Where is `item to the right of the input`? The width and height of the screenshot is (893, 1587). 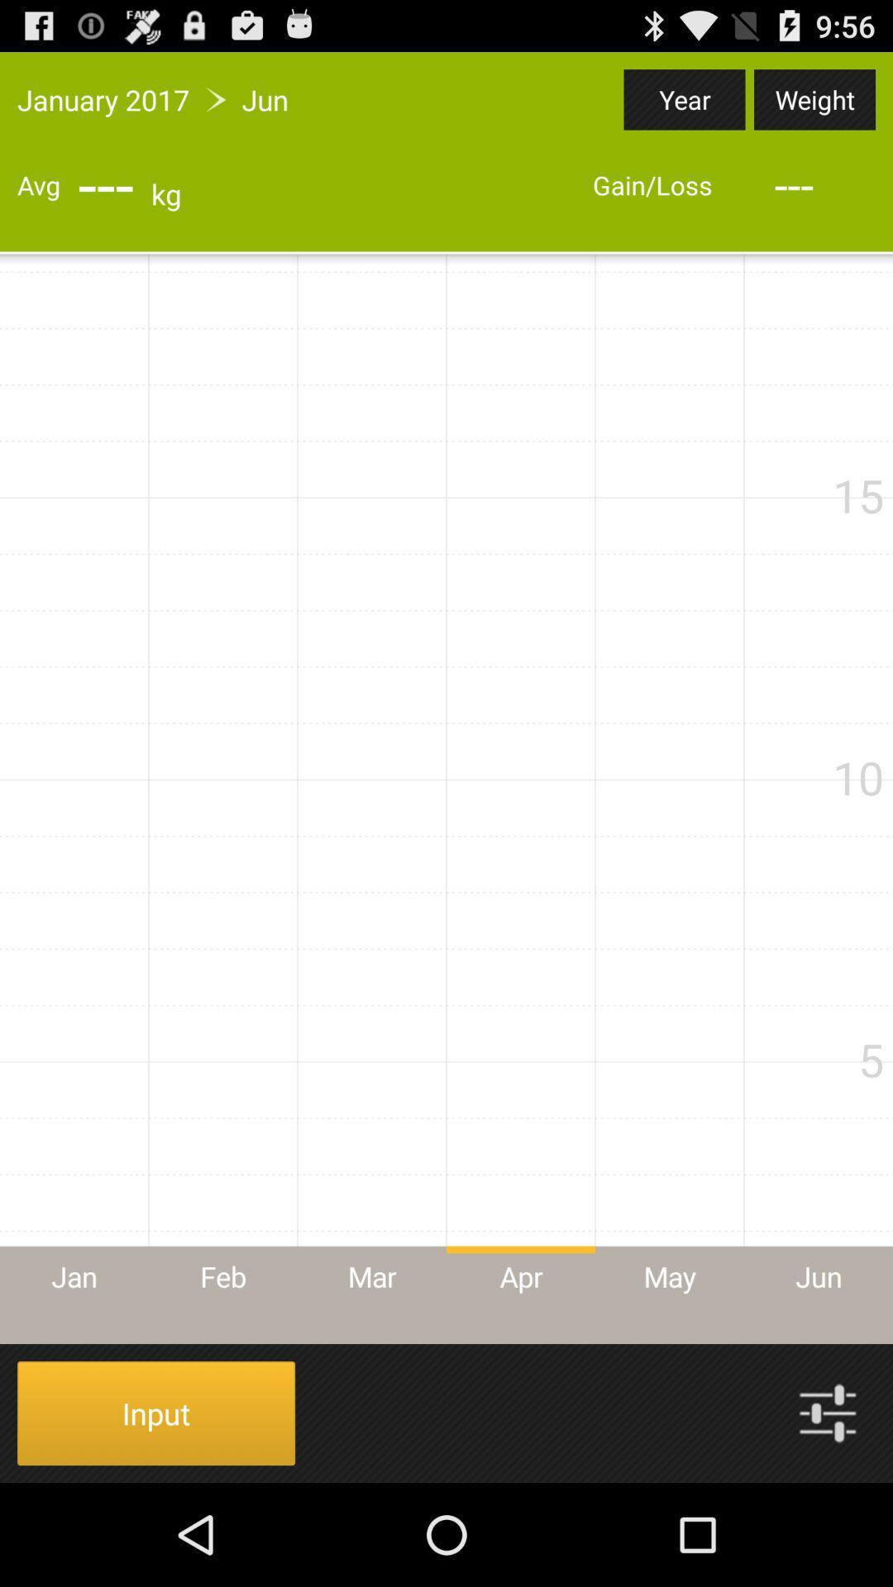
item to the right of the input is located at coordinates (828, 1412).